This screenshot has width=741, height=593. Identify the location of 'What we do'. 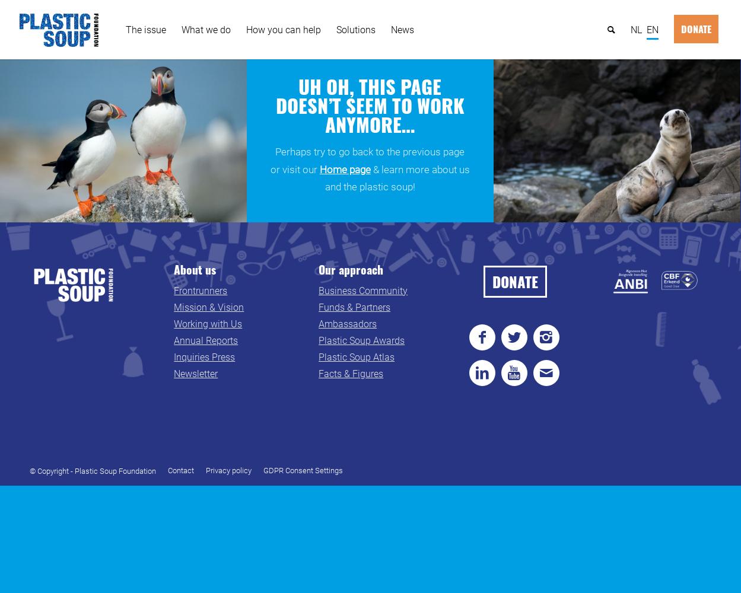
(181, 29).